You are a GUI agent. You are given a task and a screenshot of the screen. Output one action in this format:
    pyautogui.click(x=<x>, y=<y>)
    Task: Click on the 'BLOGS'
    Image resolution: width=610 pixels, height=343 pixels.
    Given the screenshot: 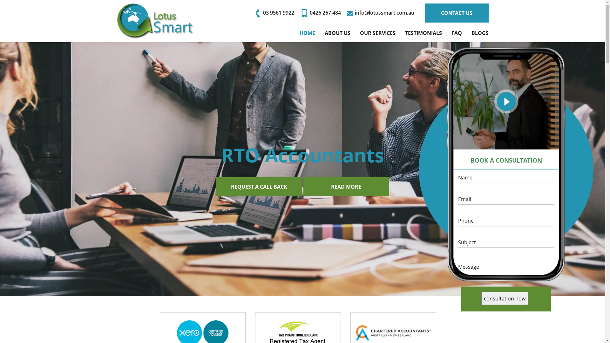 What is the action you would take?
    pyautogui.click(x=480, y=33)
    